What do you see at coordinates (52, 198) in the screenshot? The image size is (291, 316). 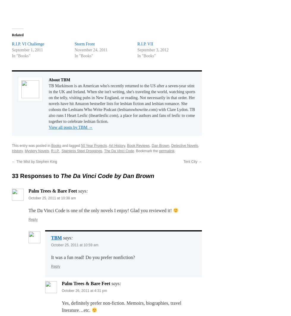 I see `'October 25, 2011 at 10:38 am'` at bounding box center [52, 198].